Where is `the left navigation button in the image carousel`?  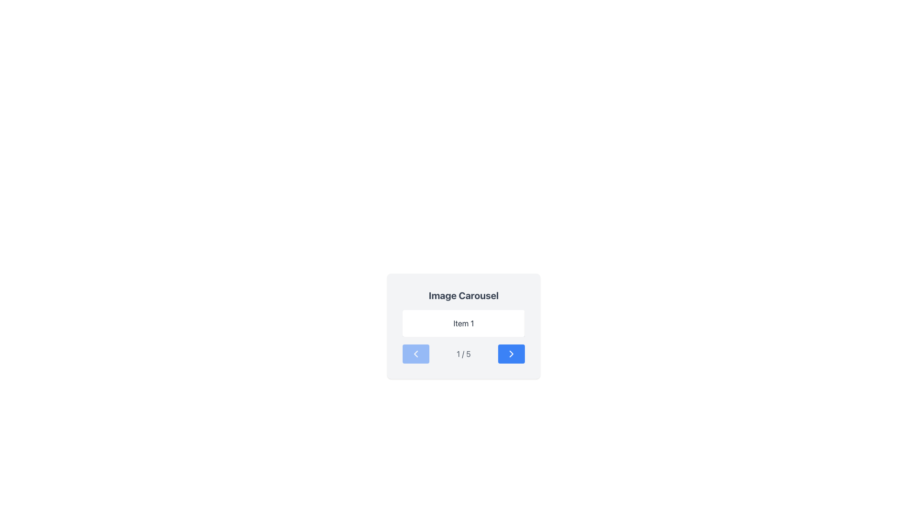 the left navigation button in the image carousel is located at coordinates (416, 354).